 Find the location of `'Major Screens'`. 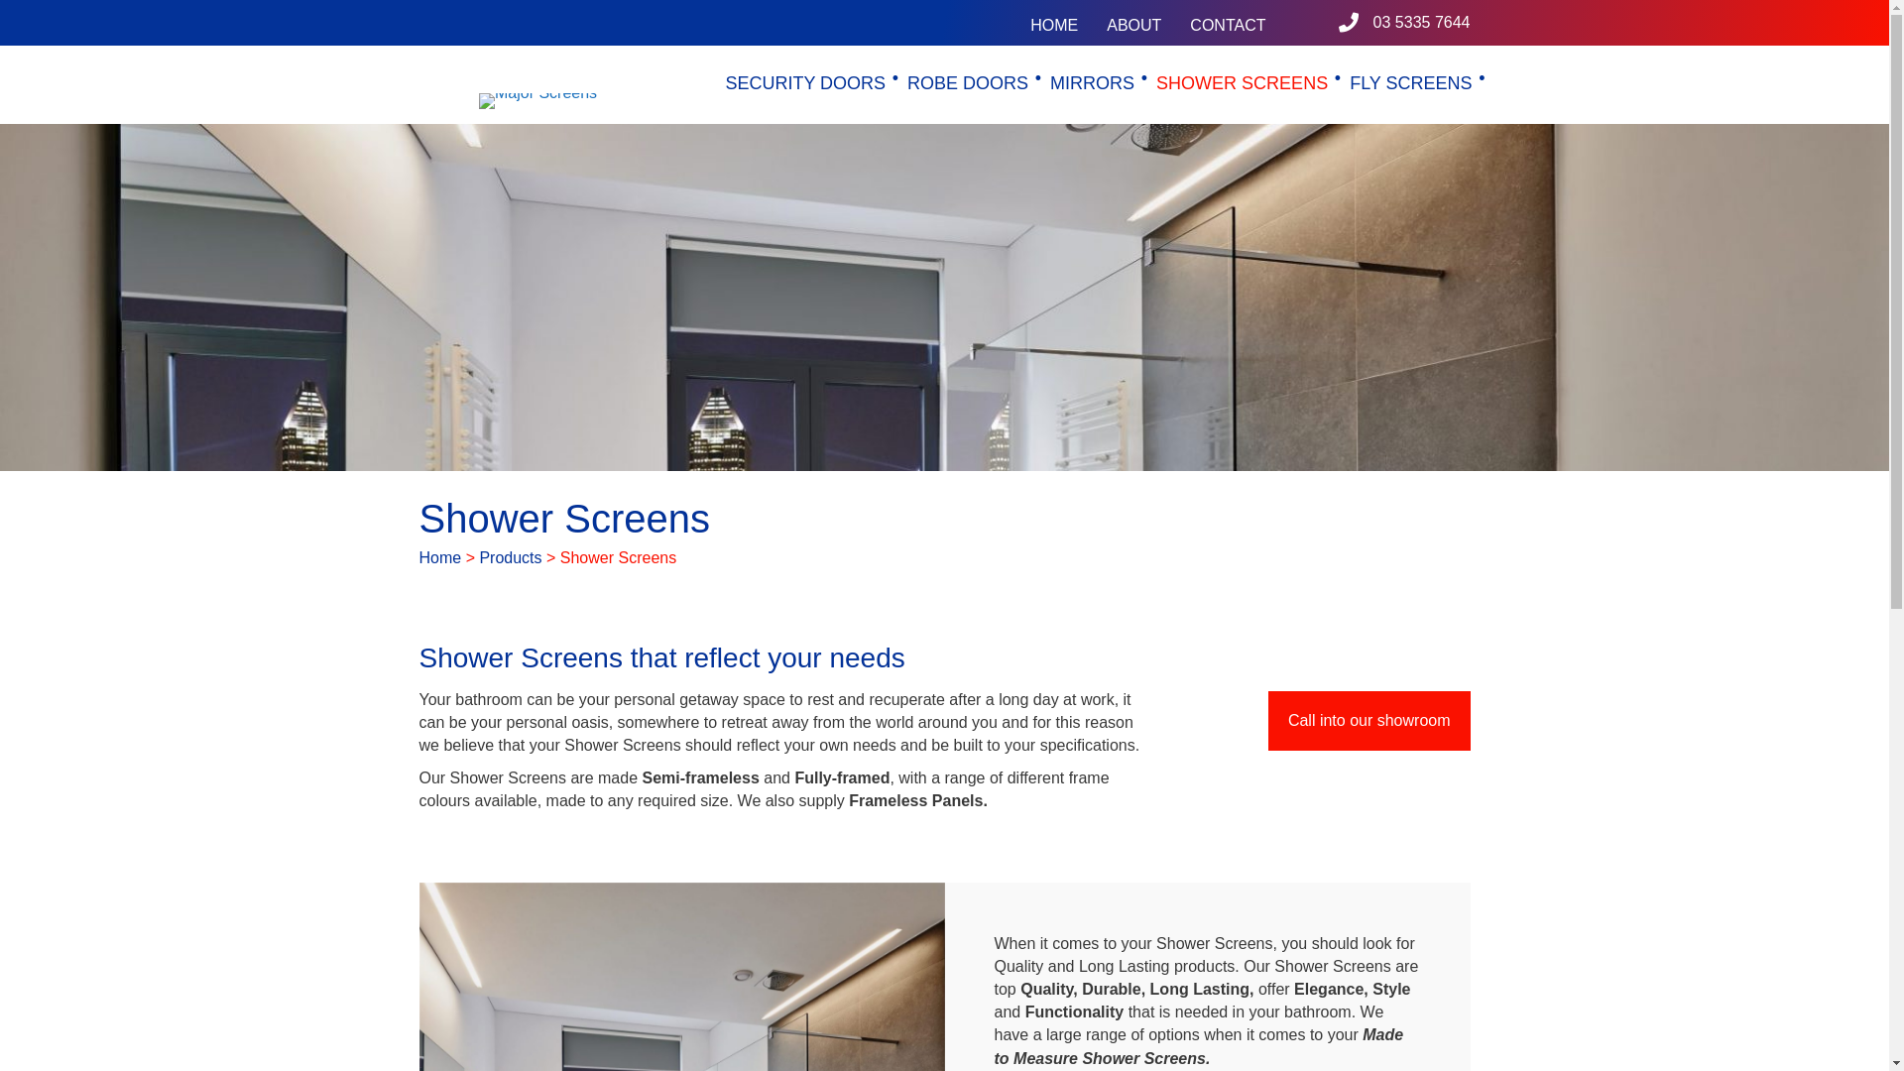

'Major Screens' is located at coordinates (537, 100).